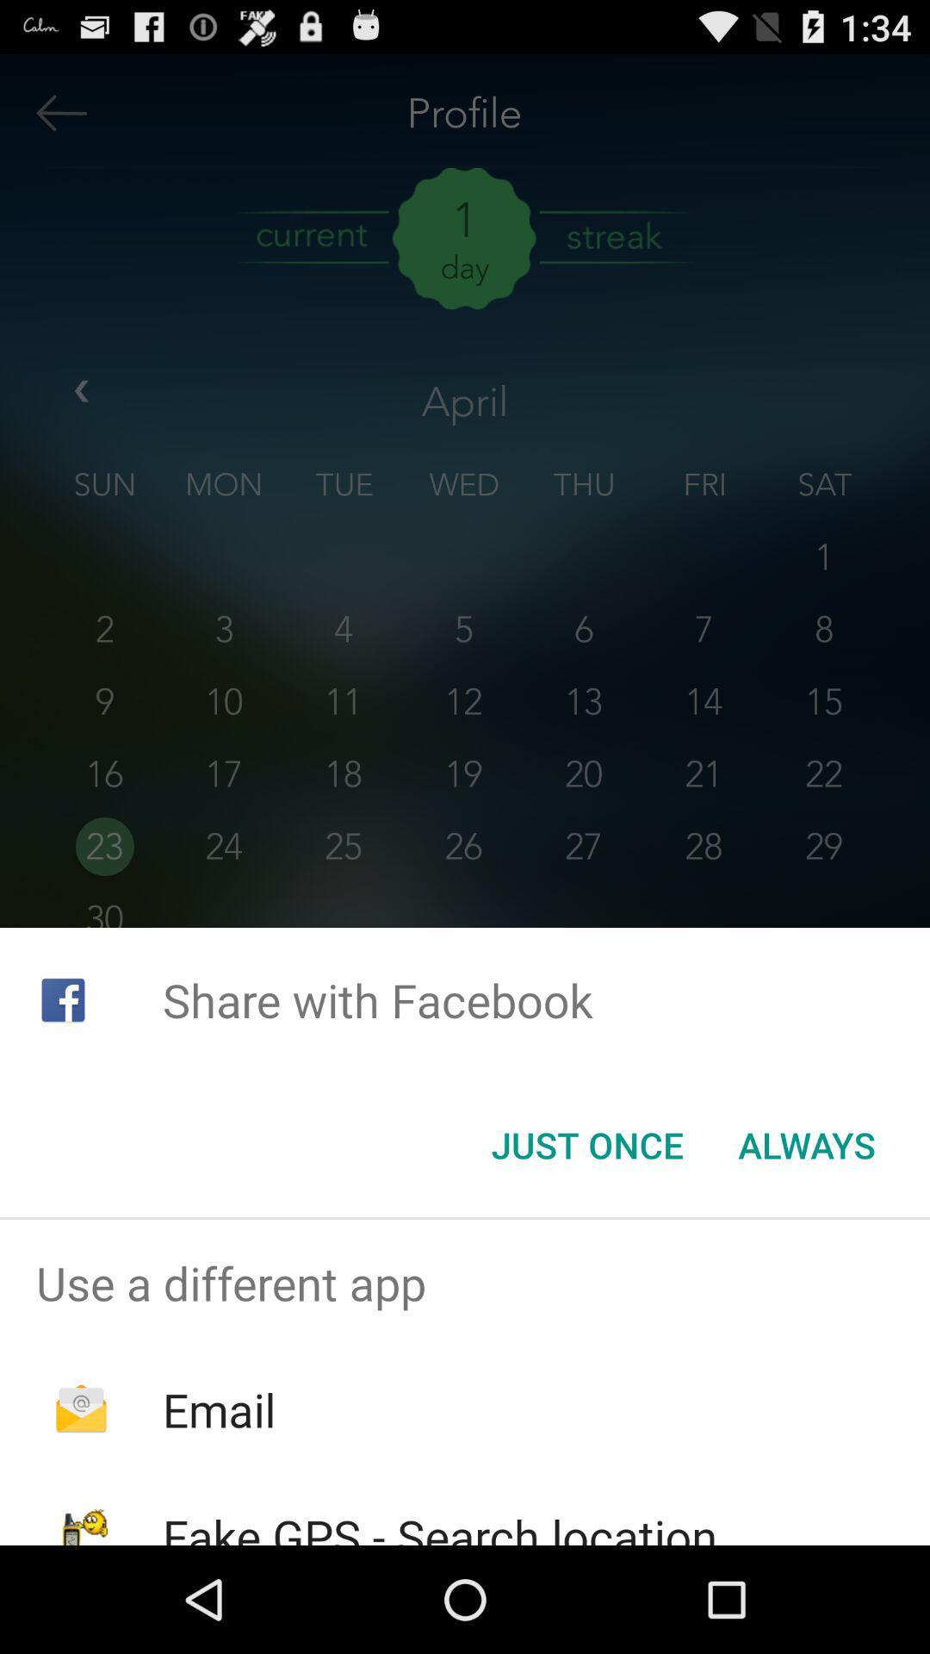 The height and width of the screenshot is (1654, 930). What do you see at coordinates (807, 1145) in the screenshot?
I see `icon to the right of the just once button` at bounding box center [807, 1145].